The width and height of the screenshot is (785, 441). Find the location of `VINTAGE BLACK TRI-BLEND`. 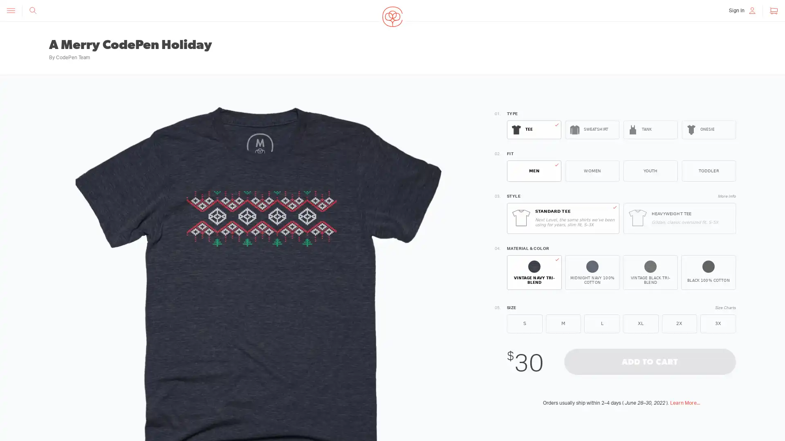

VINTAGE BLACK TRI-BLEND is located at coordinates (650, 272).